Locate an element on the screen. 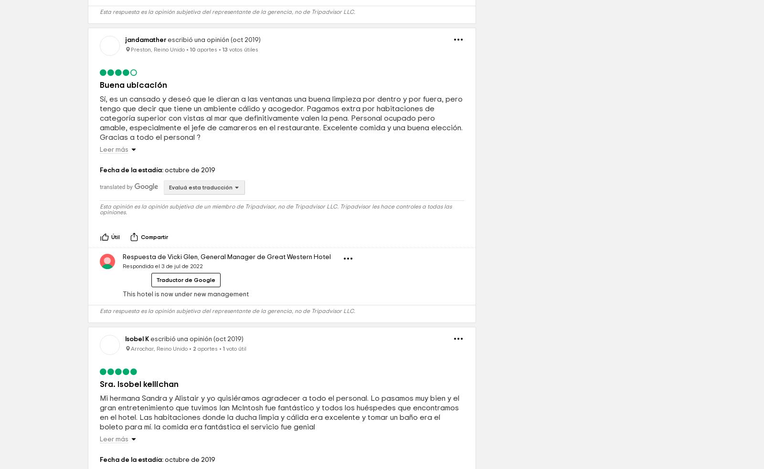 Image resolution: width=764 pixels, height=469 pixels. '2' is located at coordinates (194, 415).